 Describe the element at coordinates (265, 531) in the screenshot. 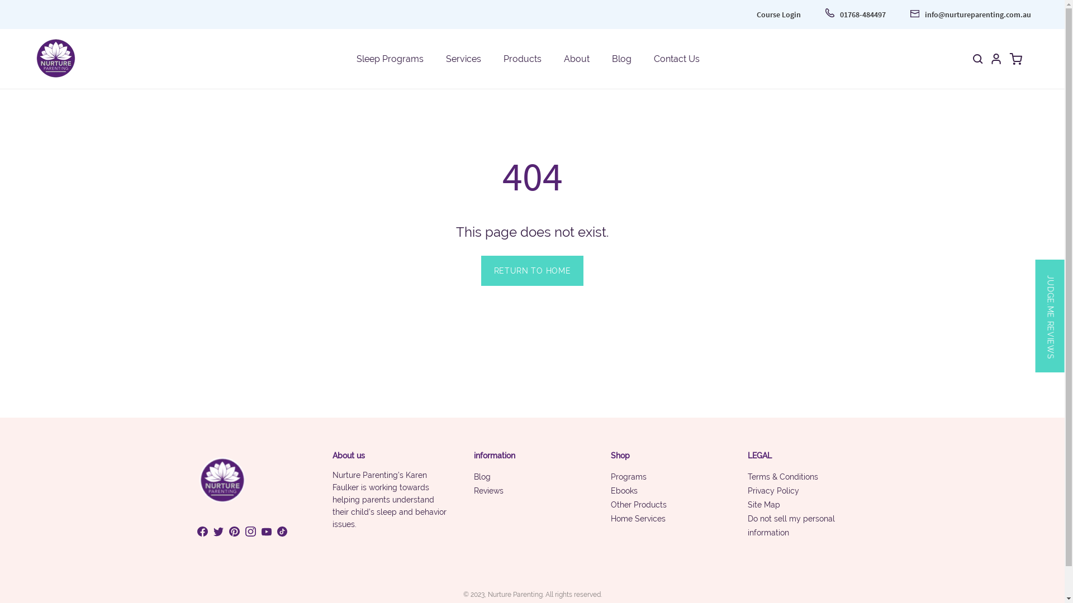

I see `'View Nurture Parenting Shop on Youtube'` at that location.